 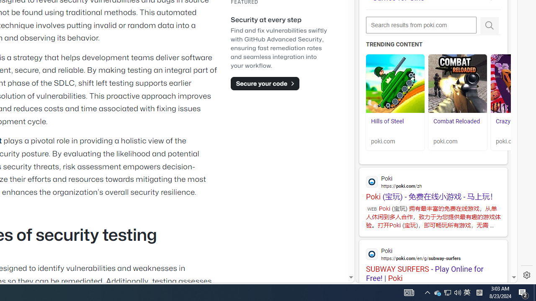 What do you see at coordinates (395, 84) in the screenshot?
I see `'Hills of Steel'` at bounding box center [395, 84].